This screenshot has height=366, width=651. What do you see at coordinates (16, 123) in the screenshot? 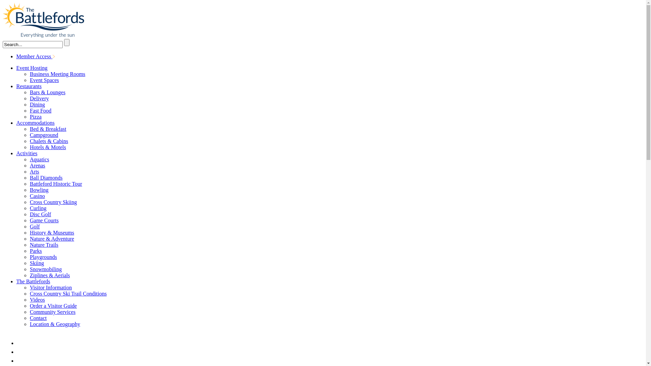
I see `'Accommodations'` at bounding box center [16, 123].